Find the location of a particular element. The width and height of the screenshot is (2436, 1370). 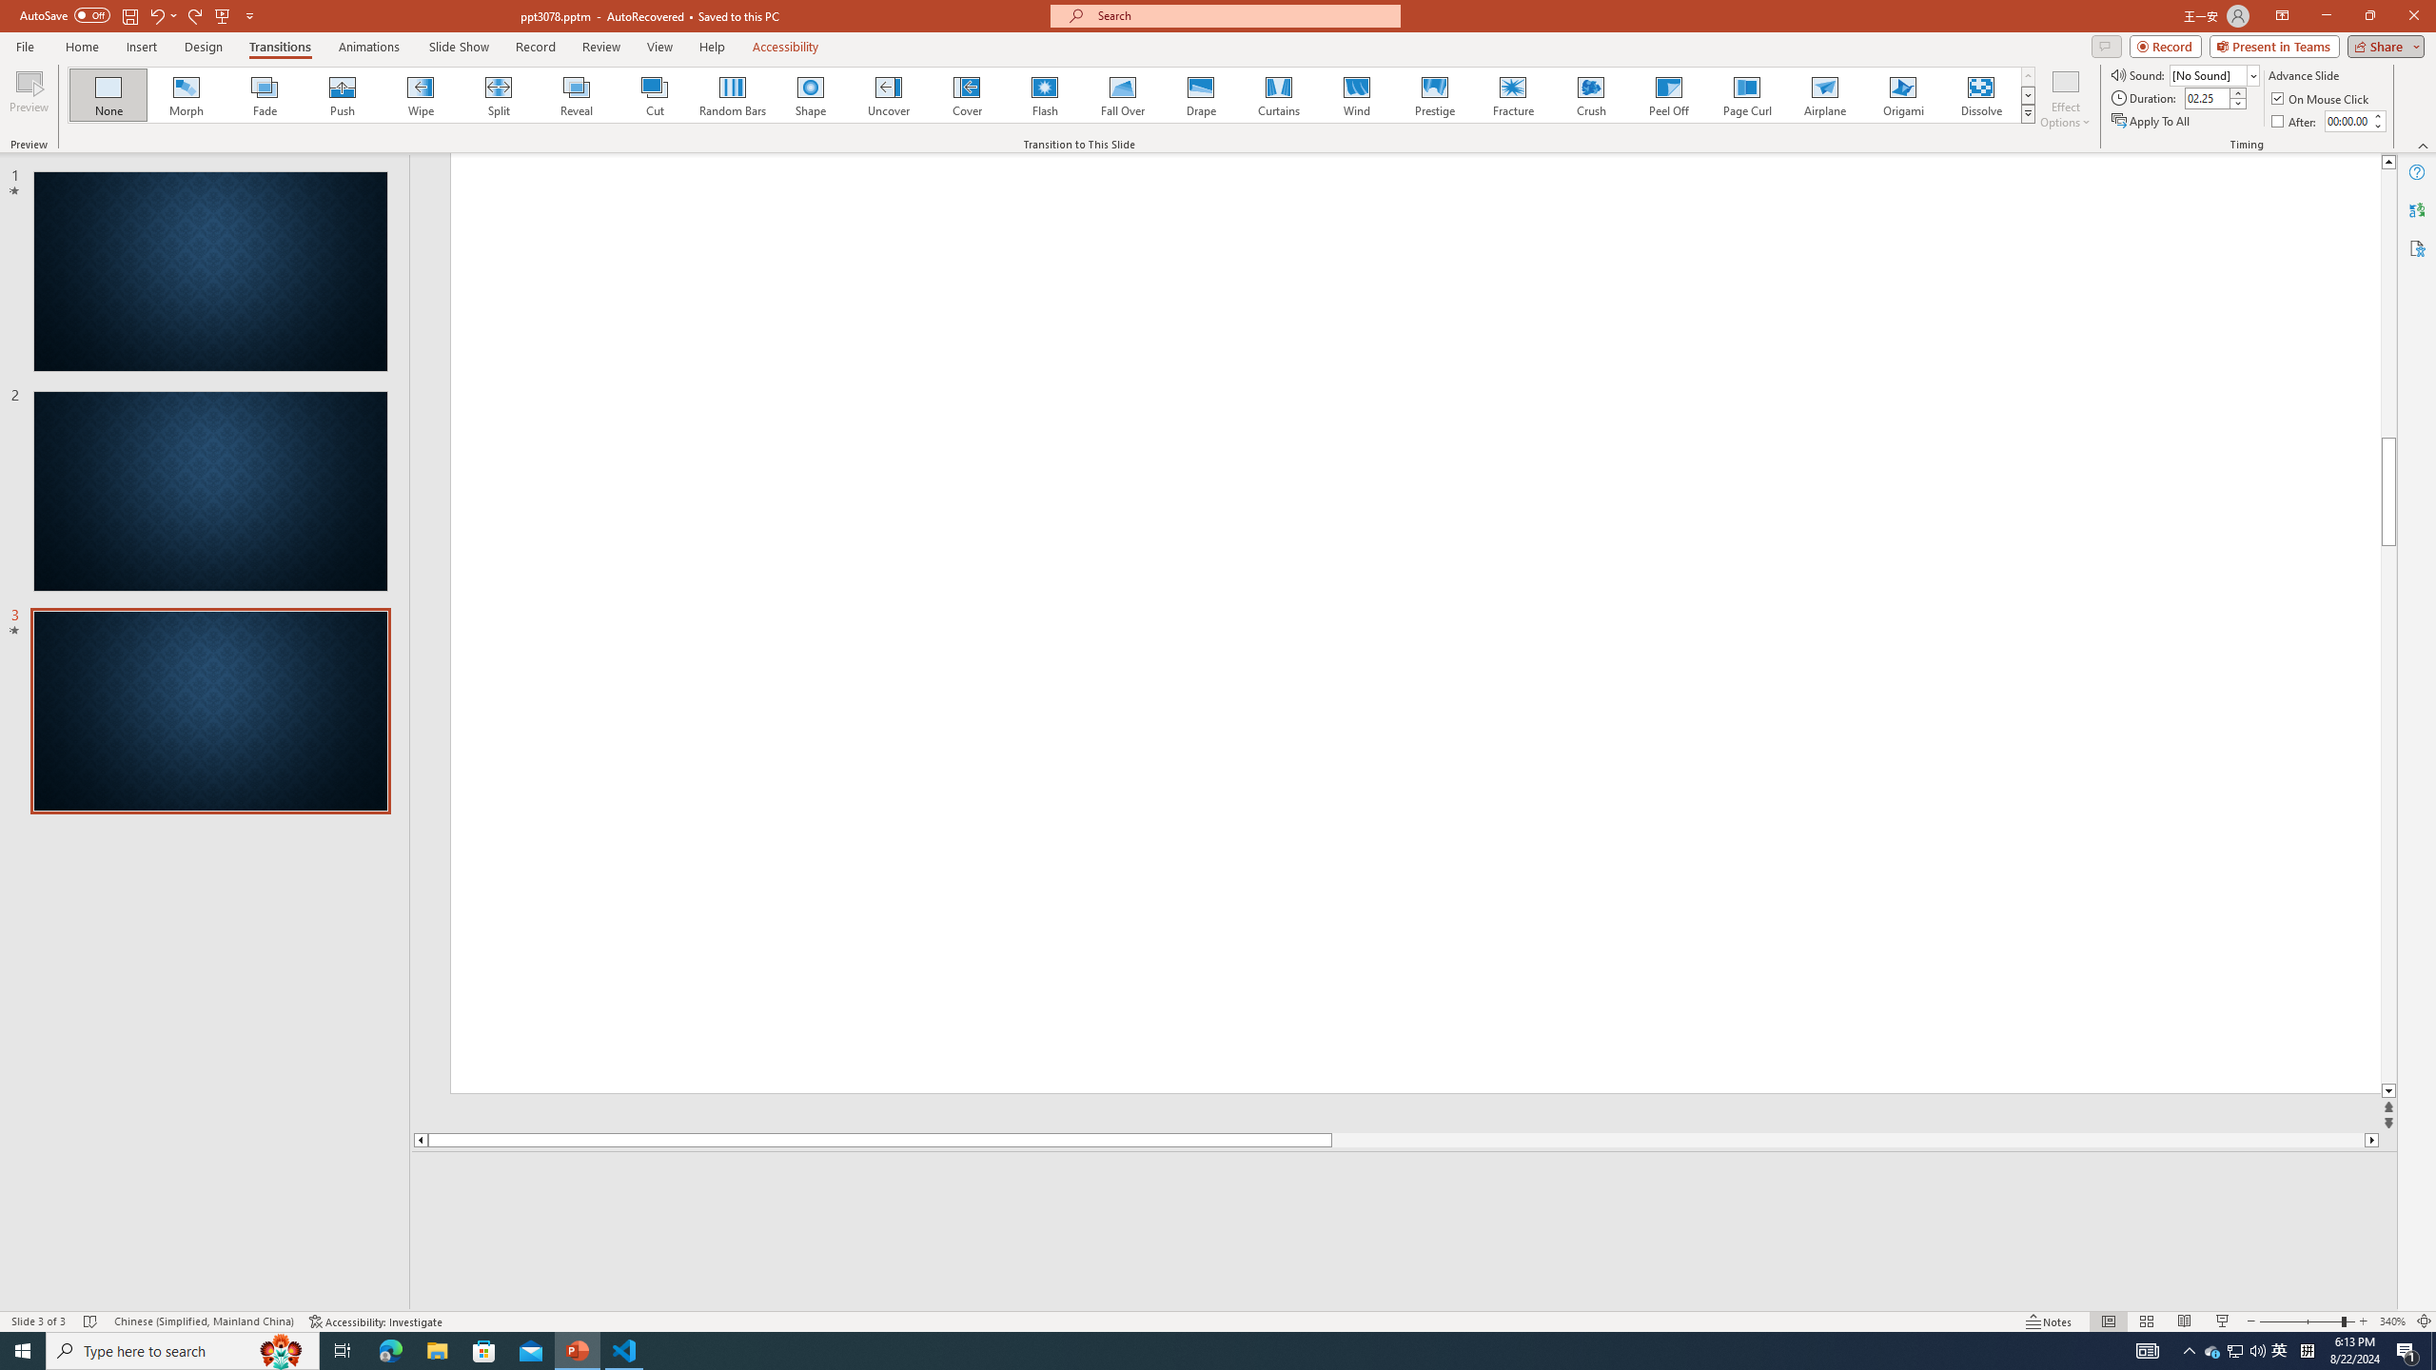

'Slide Notes' is located at coordinates (1405, 1180).